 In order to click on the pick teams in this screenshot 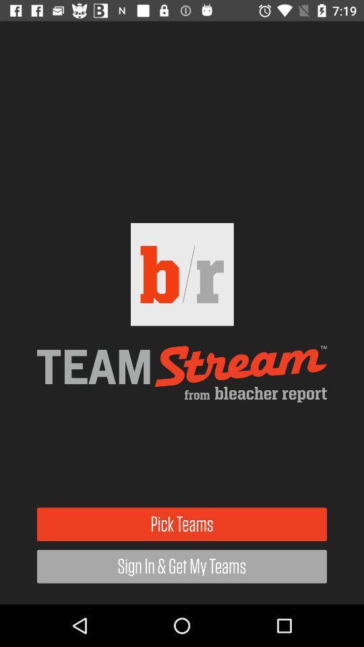, I will do `click(182, 524)`.